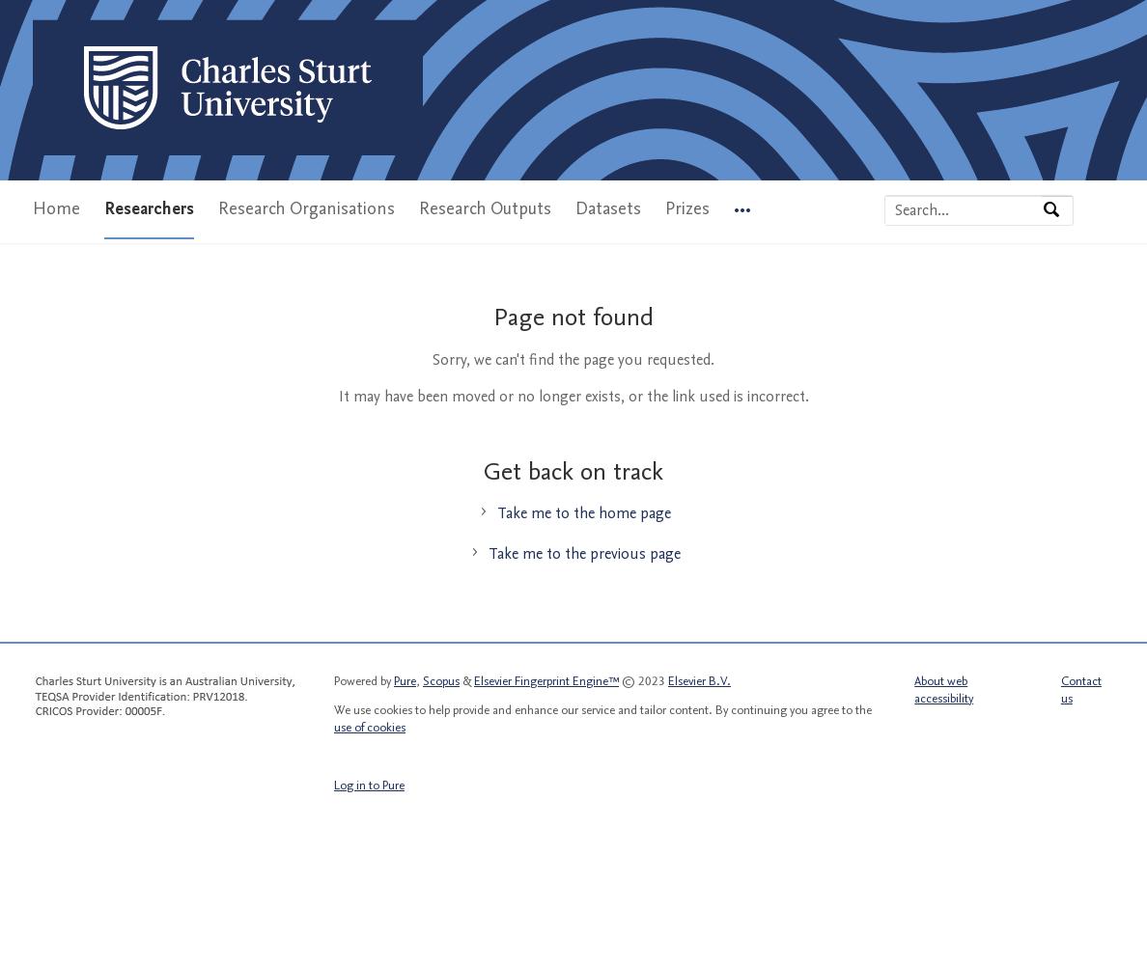  What do you see at coordinates (466, 679) in the screenshot?
I see `'&'` at bounding box center [466, 679].